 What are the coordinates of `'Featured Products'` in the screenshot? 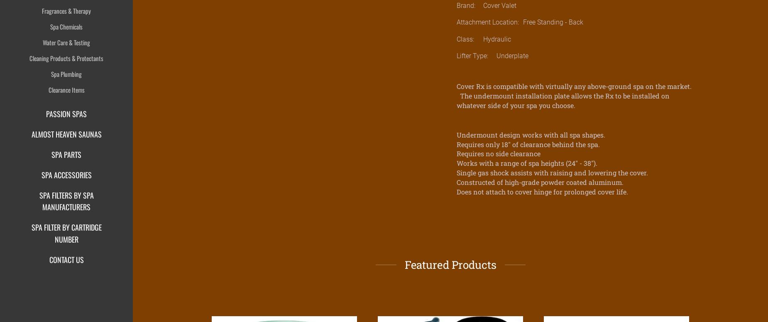 It's located at (450, 264).